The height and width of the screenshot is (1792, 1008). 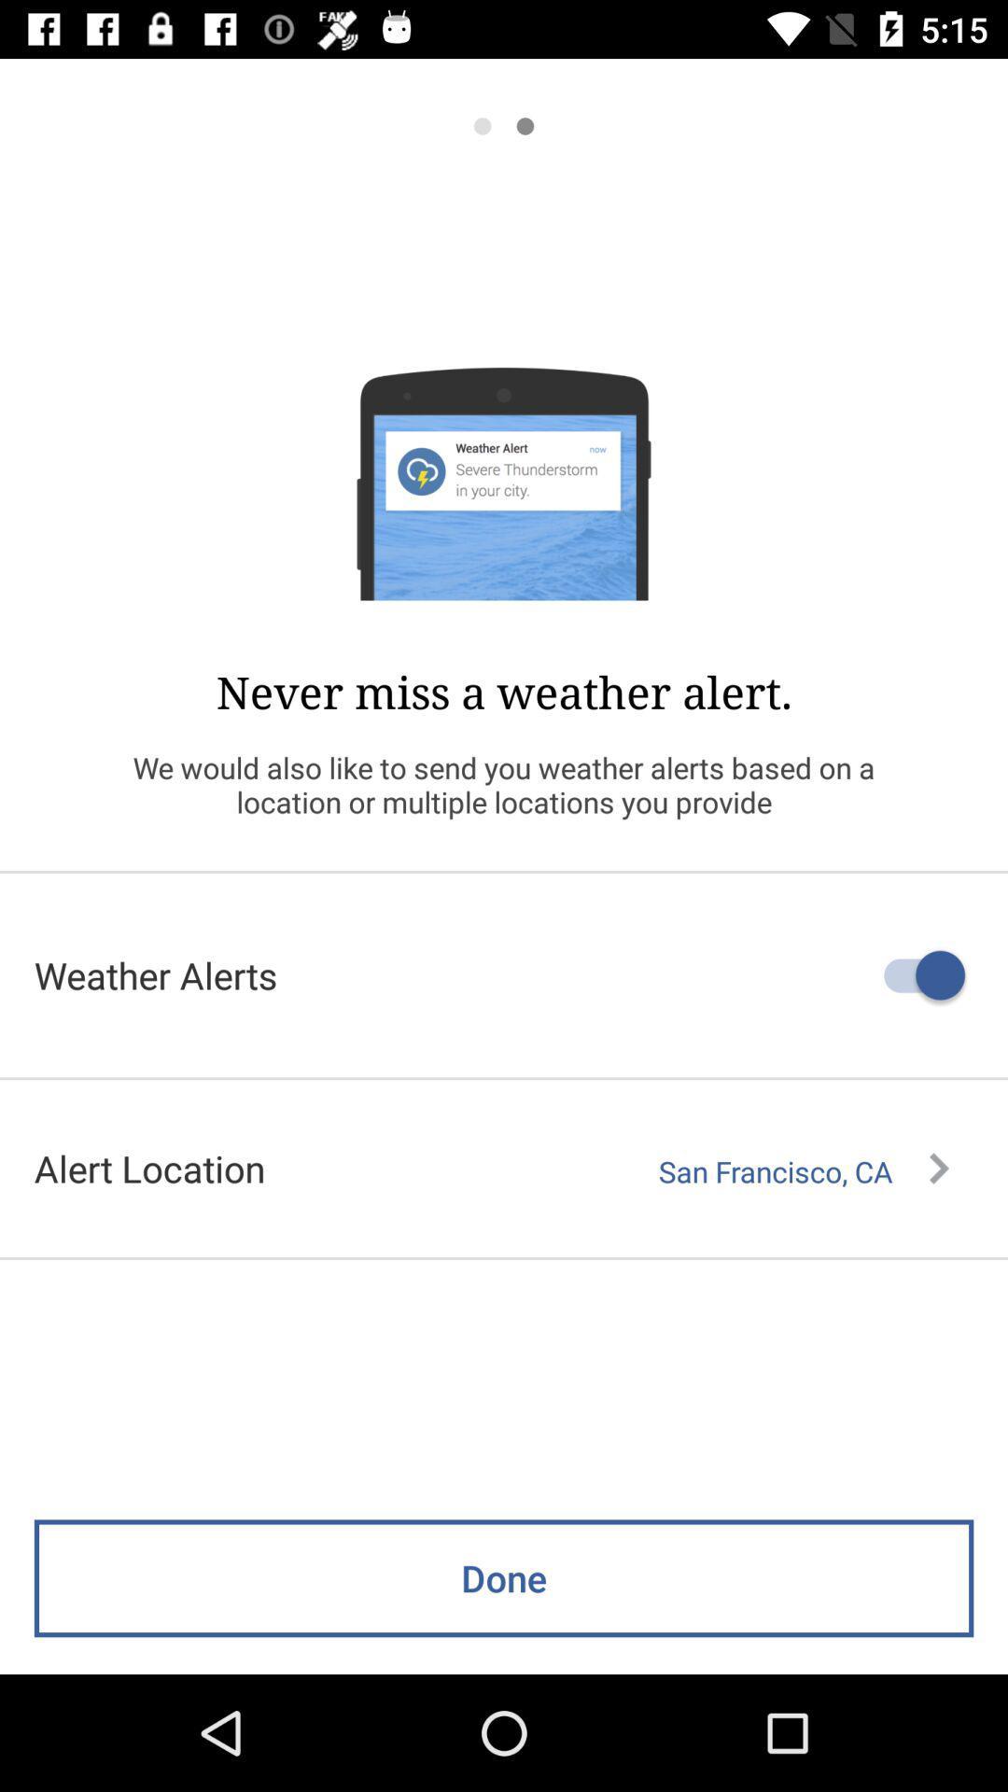 What do you see at coordinates (803, 1170) in the screenshot?
I see `item to the right of the alert location` at bounding box center [803, 1170].